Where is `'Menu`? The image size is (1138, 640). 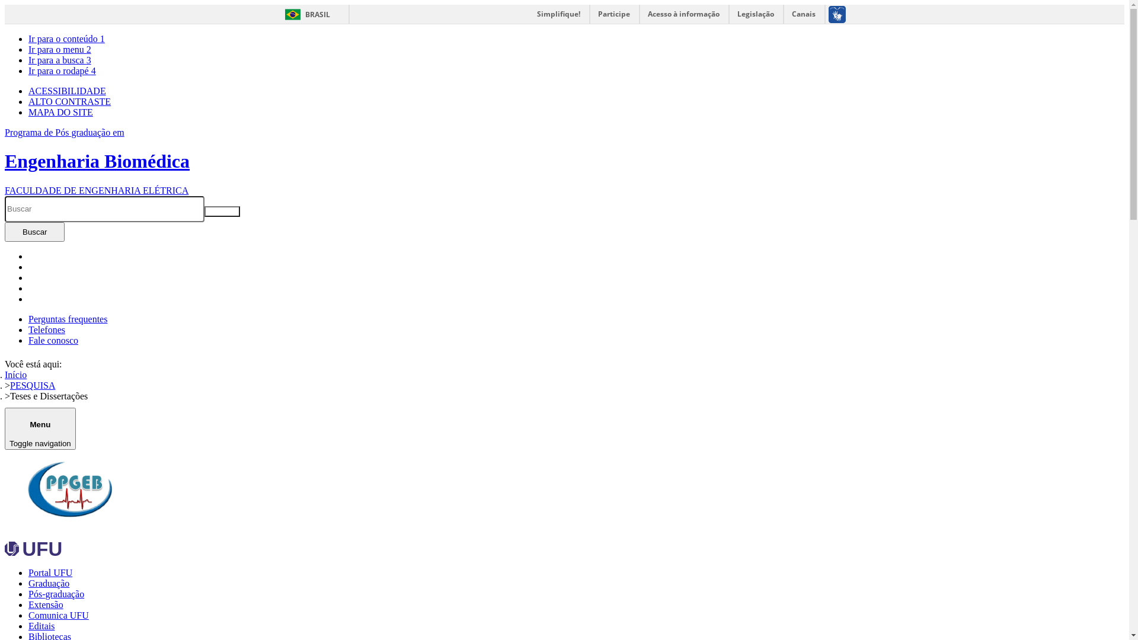 'Menu is located at coordinates (40, 428).